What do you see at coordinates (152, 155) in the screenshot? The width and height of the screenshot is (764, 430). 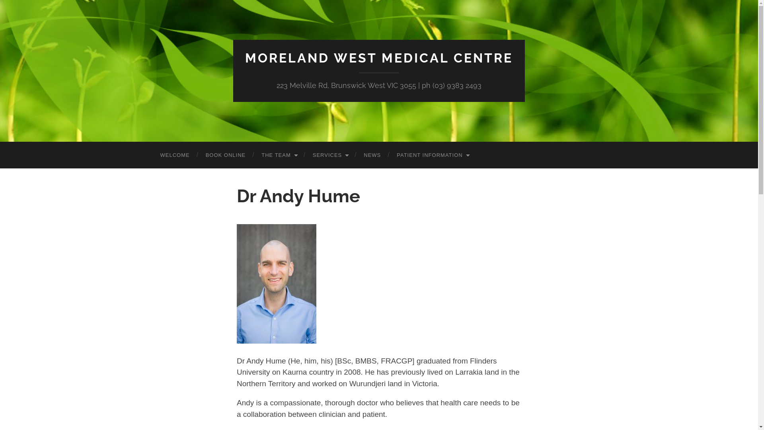 I see `'WELCOME'` at bounding box center [152, 155].